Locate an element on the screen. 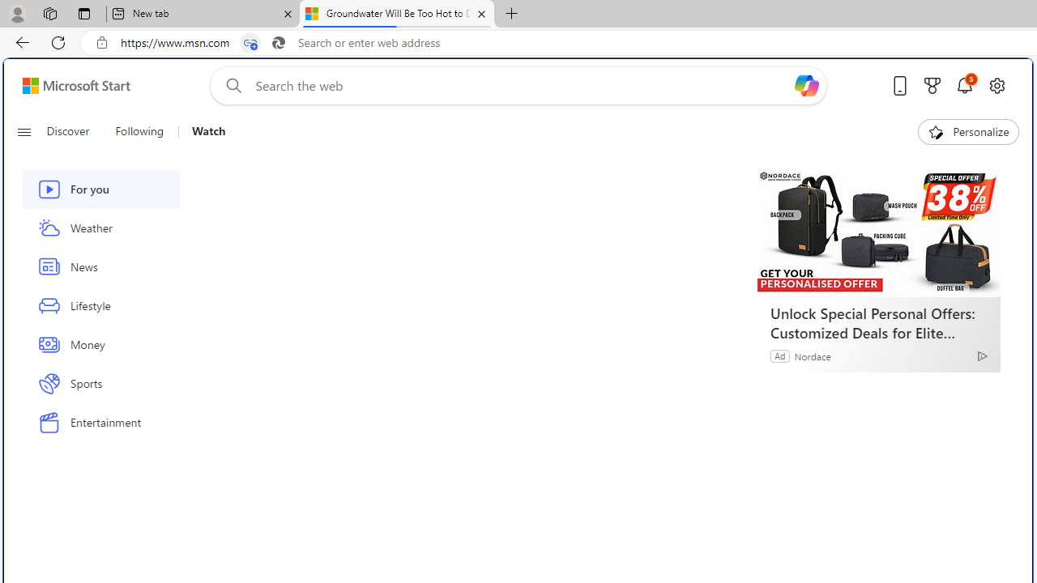 This screenshot has width=1037, height=583. 'Web search' is located at coordinates (229, 85).